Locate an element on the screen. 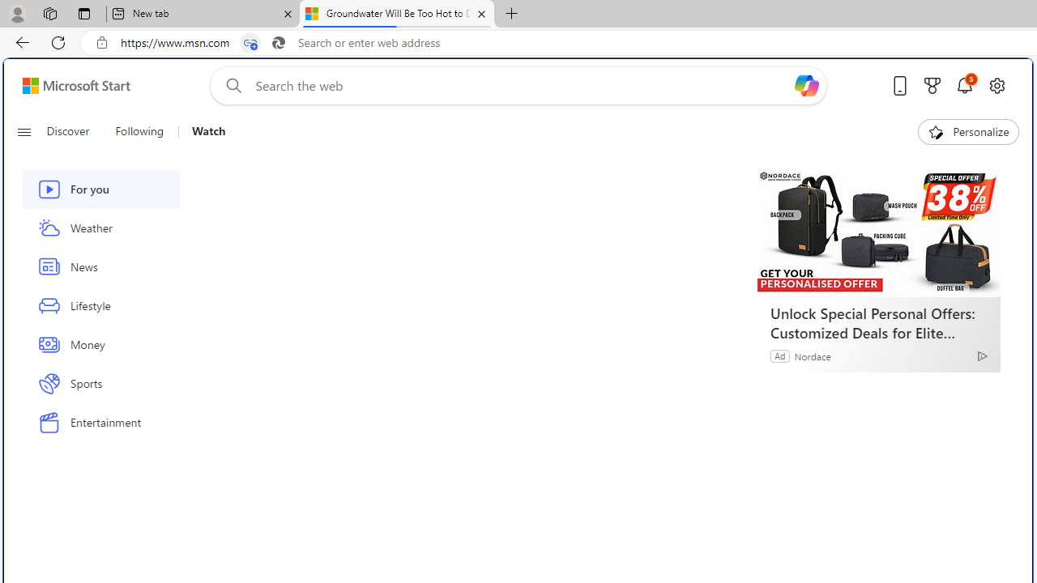 This screenshot has width=1037, height=583. 'Web search' is located at coordinates (229, 85).